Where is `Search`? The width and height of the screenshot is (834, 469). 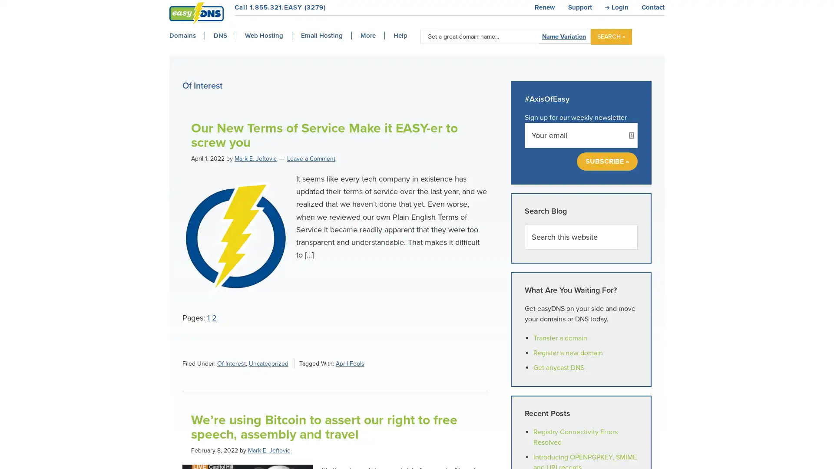
Search is located at coordinates (637, 223).